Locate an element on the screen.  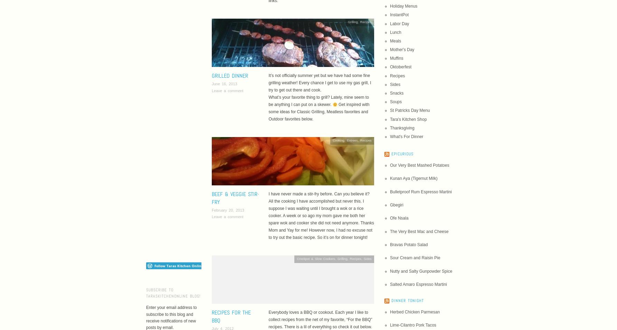
'What’s your favorite thing to grill? Lately, mine seem to be anything I can put on a skewer.' is located at coordinates (318, 100).